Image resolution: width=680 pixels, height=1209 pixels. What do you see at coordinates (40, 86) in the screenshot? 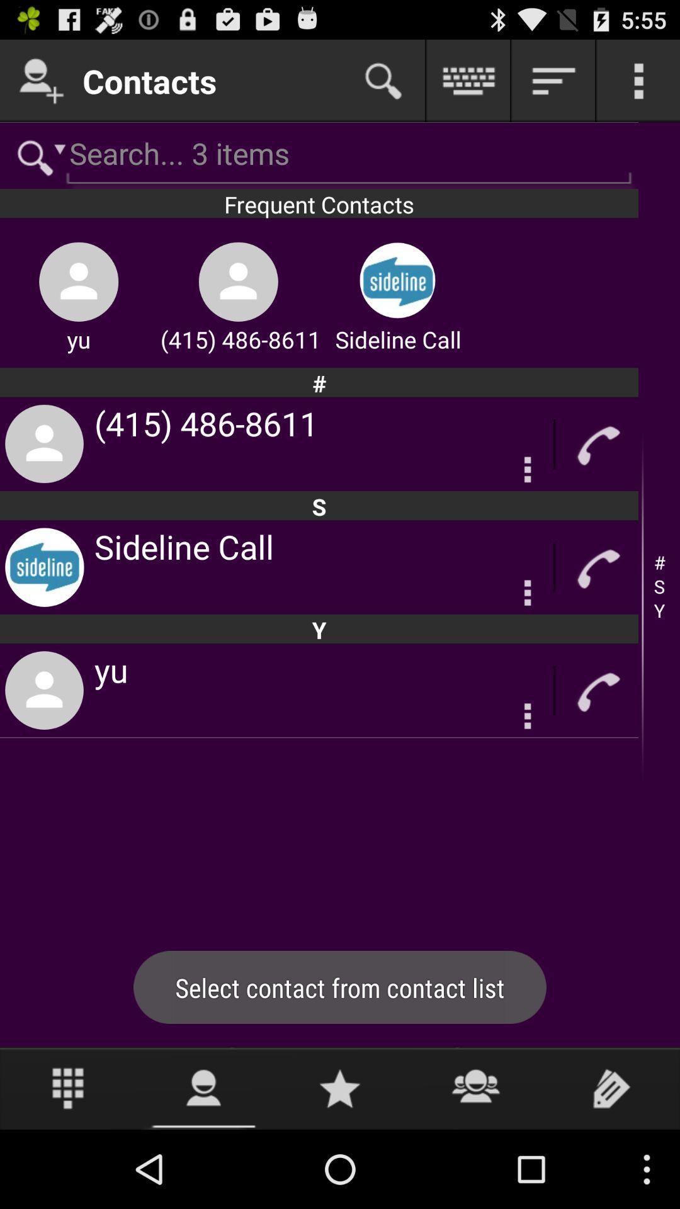
I see `the follow icon` at bounding box center [40, 86].